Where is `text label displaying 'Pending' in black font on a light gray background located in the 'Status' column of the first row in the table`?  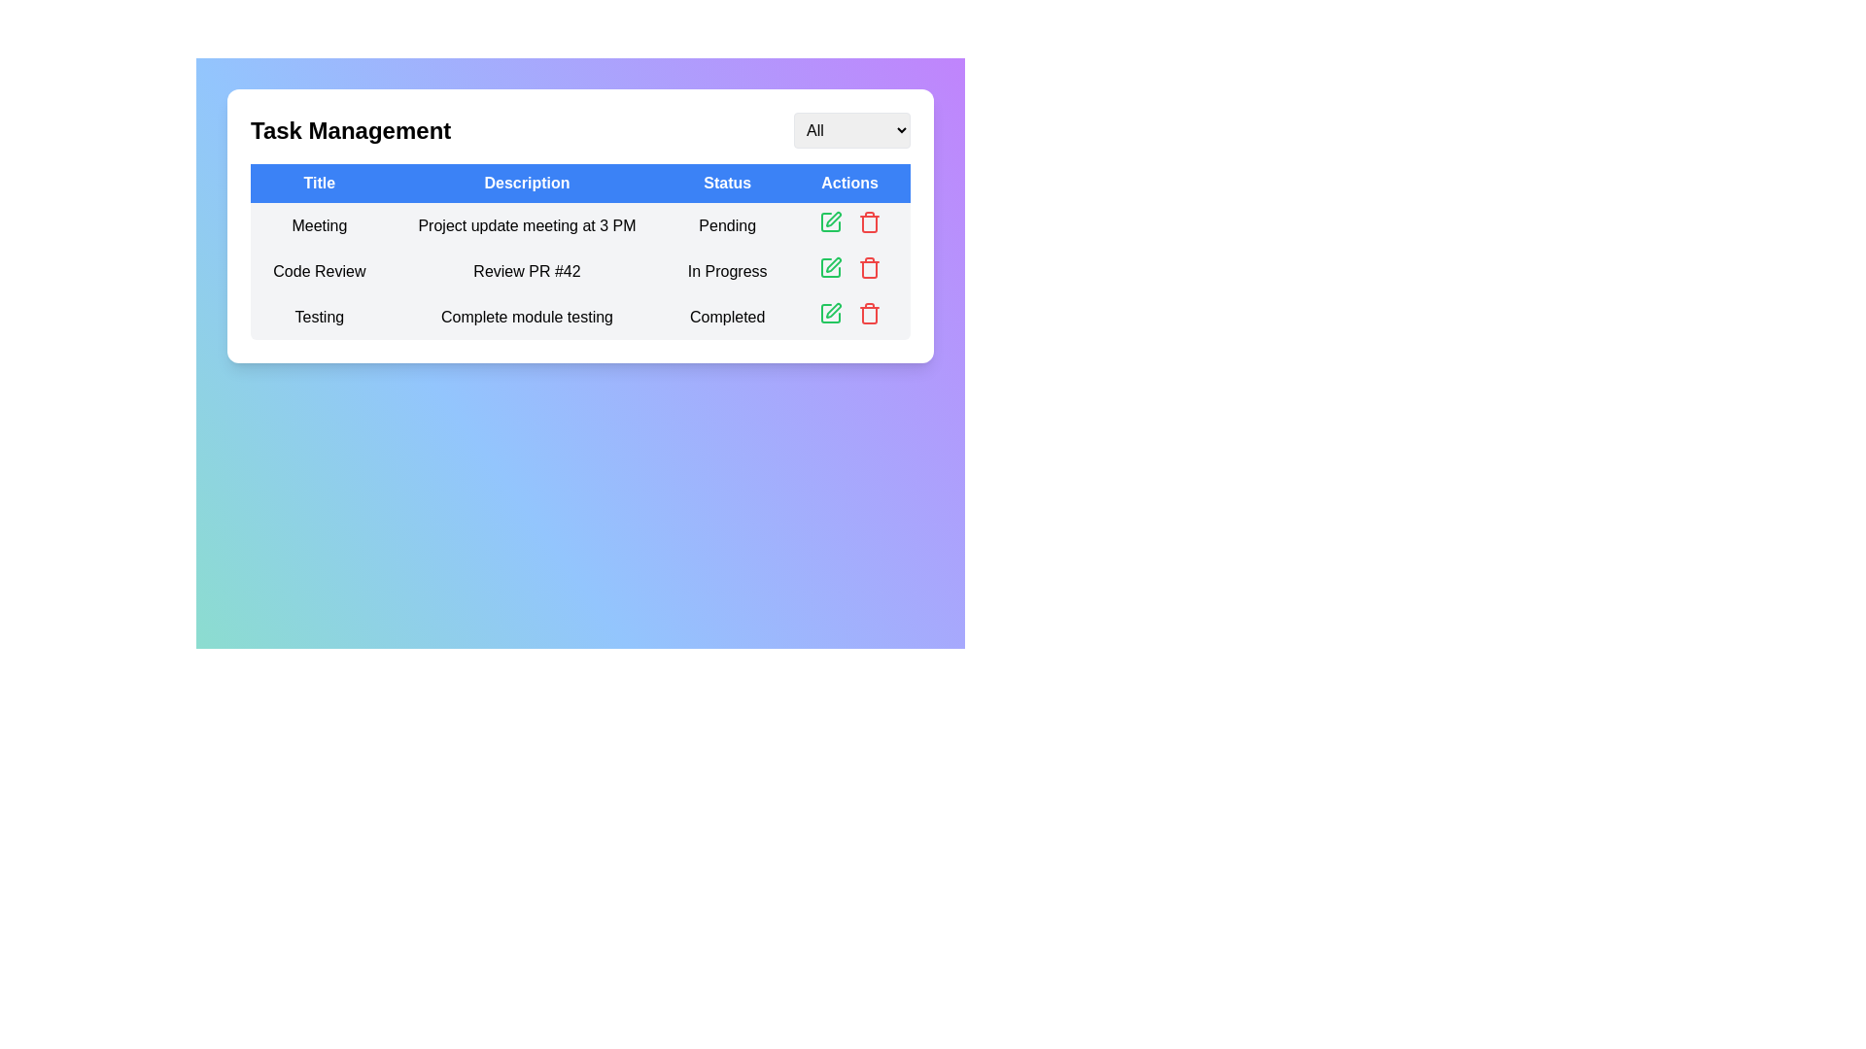
text label displaying 'Pending' in black font on a light gray background located in the 'Status' column of the first row in the table is located at coordinates (726, 224).